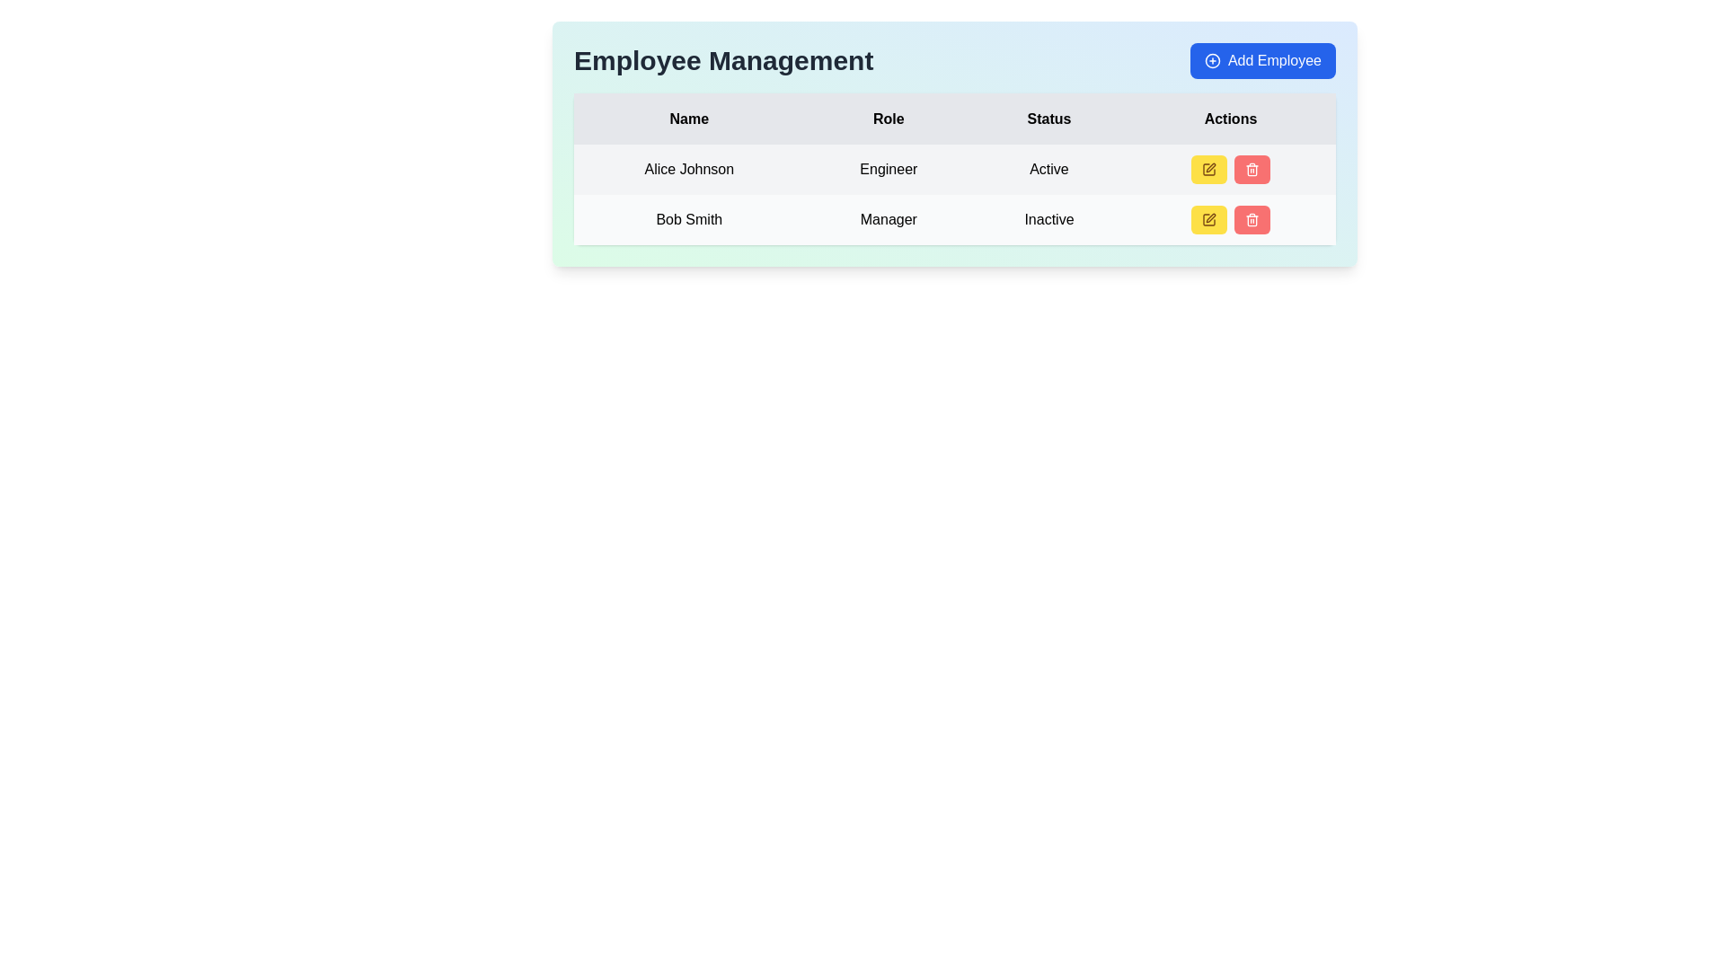 This screenshot has width=1725, height=970. Describe the element at coordinates (953, 219) in the screenshot. I see `the second row` at that location.